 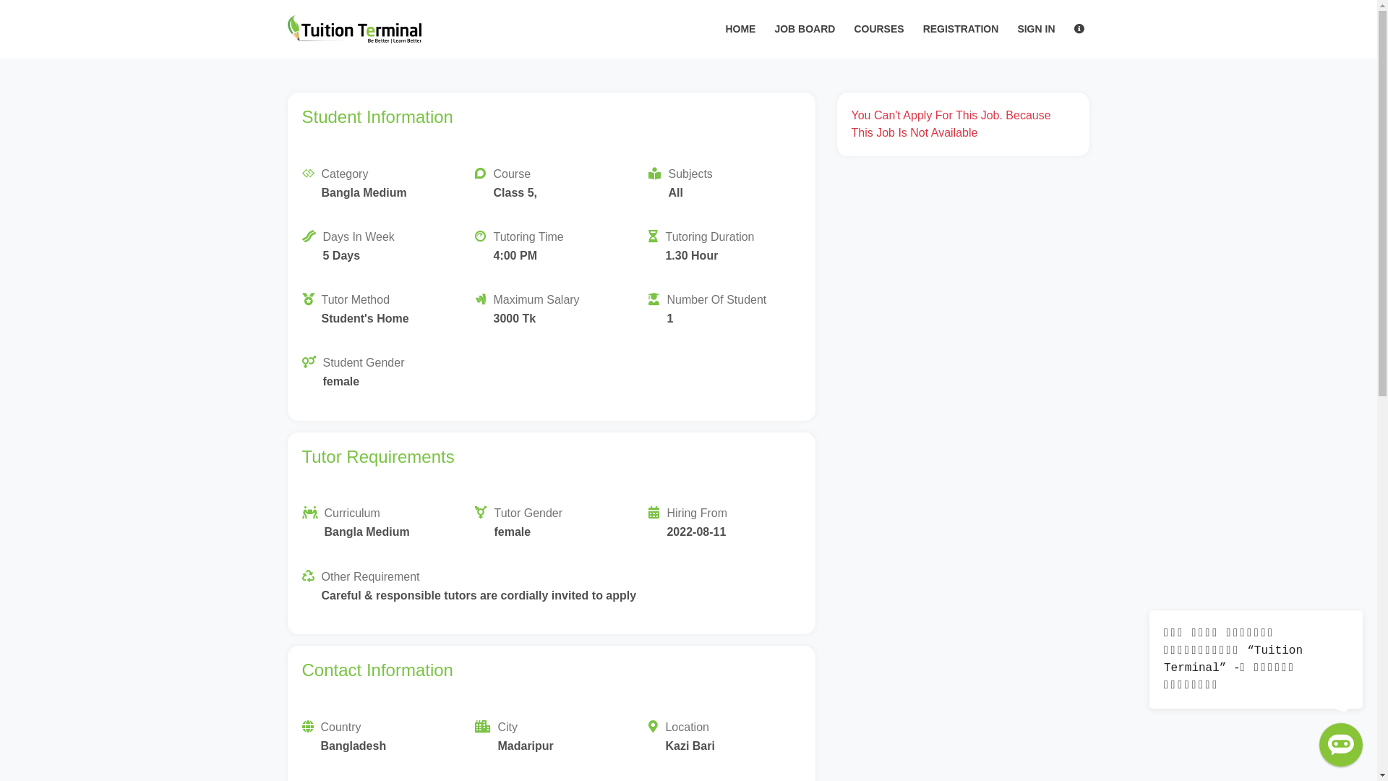 What do you see at coordinates (878, 29) in the screenshot?
I see `'COURSES'` at bounding box center [878, 29].